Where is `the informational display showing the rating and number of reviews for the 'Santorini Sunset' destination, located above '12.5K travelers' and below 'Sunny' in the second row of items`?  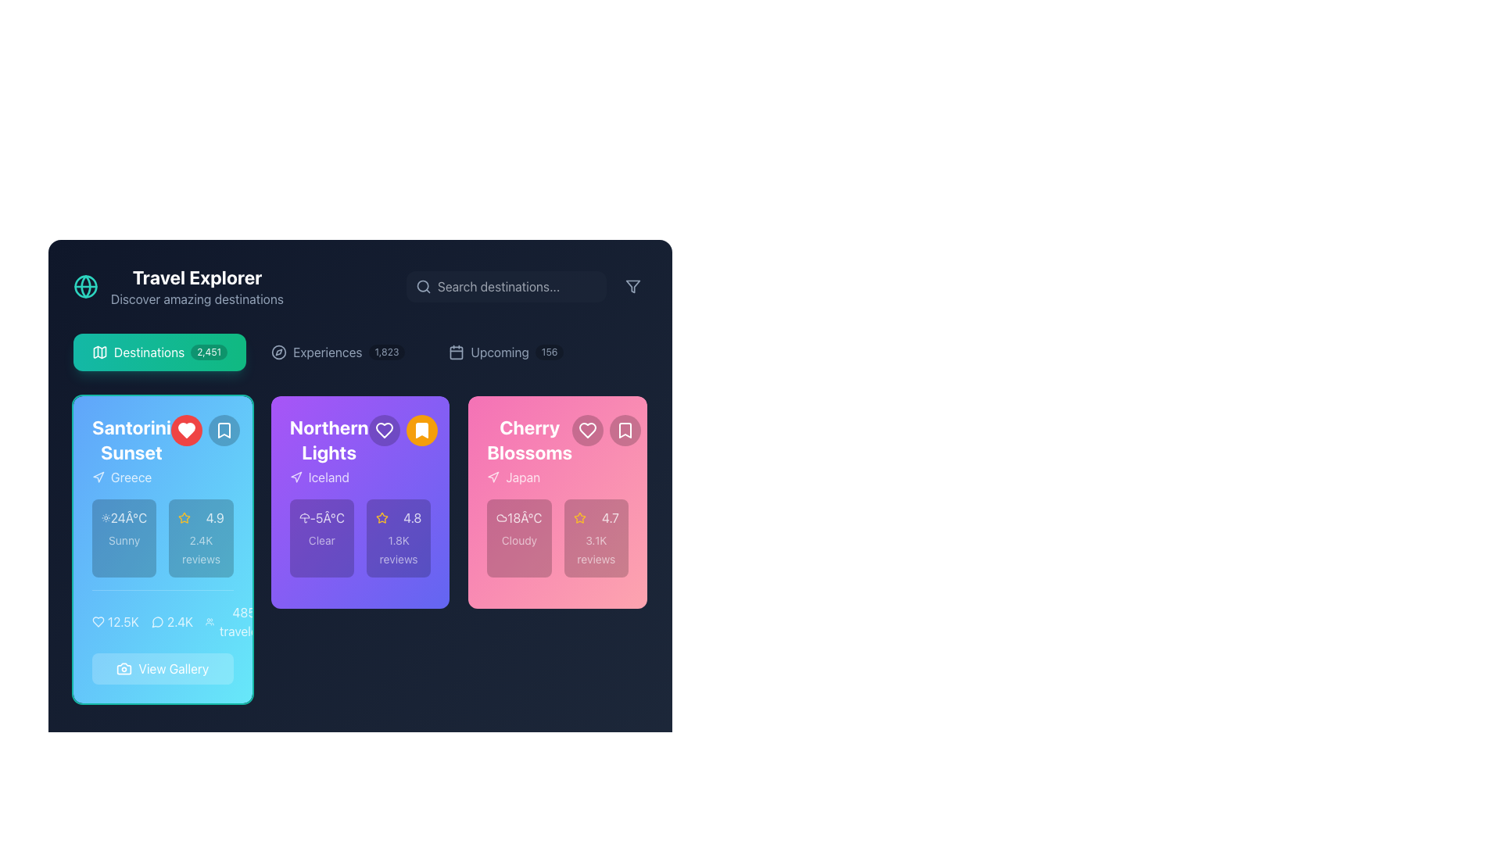 the informational display showing the rating and number of reviews for the 'Santorini Sunset' destination, located above '12.5K travelers' and below 'Sunny' in the second row of items is located at coordinates (200, 538).